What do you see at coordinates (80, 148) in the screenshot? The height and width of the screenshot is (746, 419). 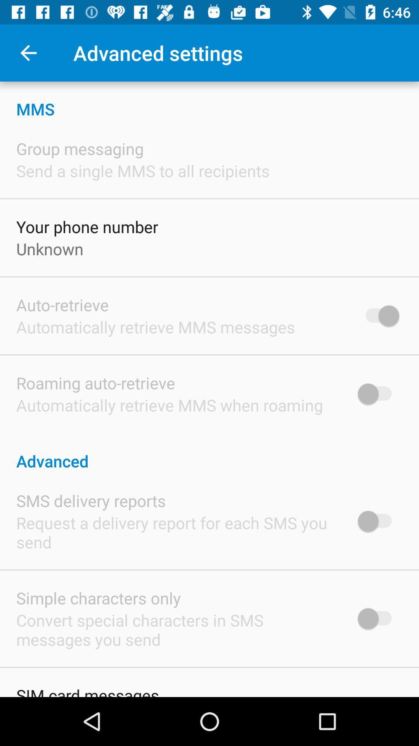 I see `group messaging item` at bounding box center [80, 148].